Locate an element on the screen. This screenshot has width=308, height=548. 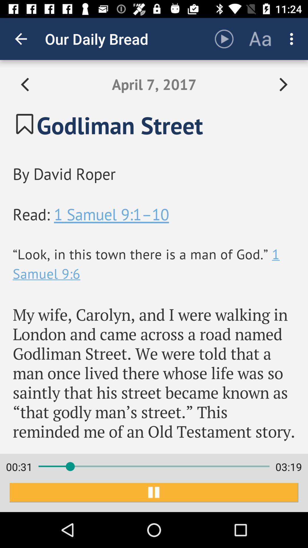
app to the right of the our daily bread icon is located at coordinates (224, 39).